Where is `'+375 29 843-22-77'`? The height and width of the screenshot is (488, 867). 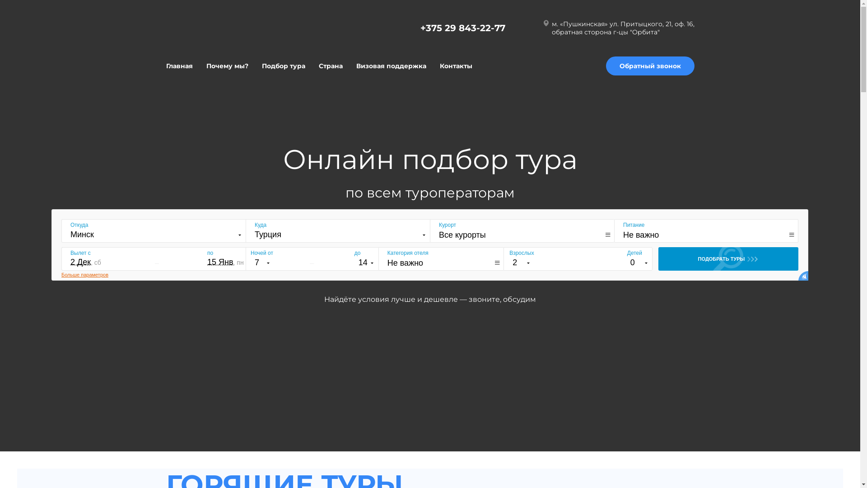 '+375 29 843-22-77' is located at coordinates (420, 27).